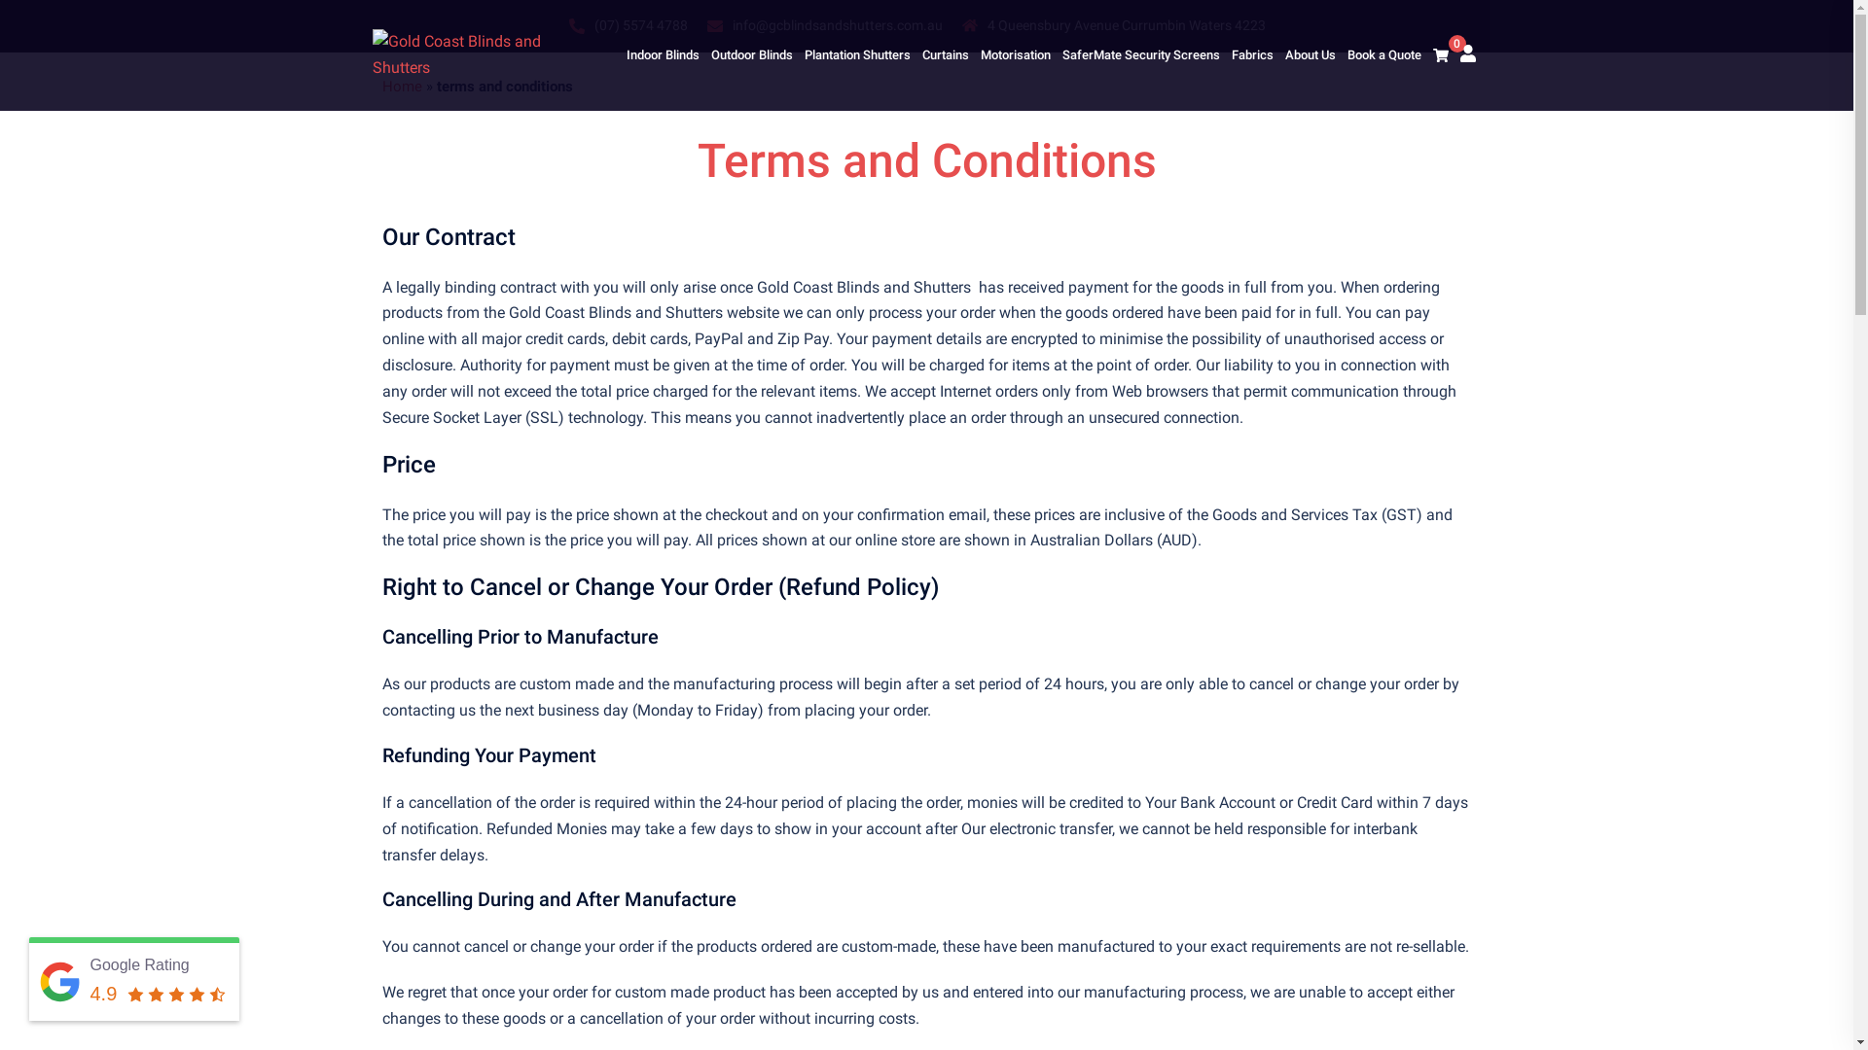  I want to click on 'Outdoor Blinds', so click(708, 54).